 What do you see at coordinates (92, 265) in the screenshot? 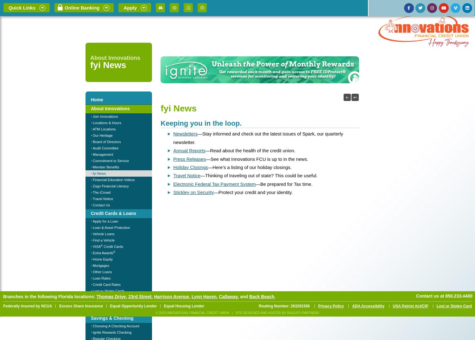
I see `'Mortgages'` at bounding box center [92, 265].